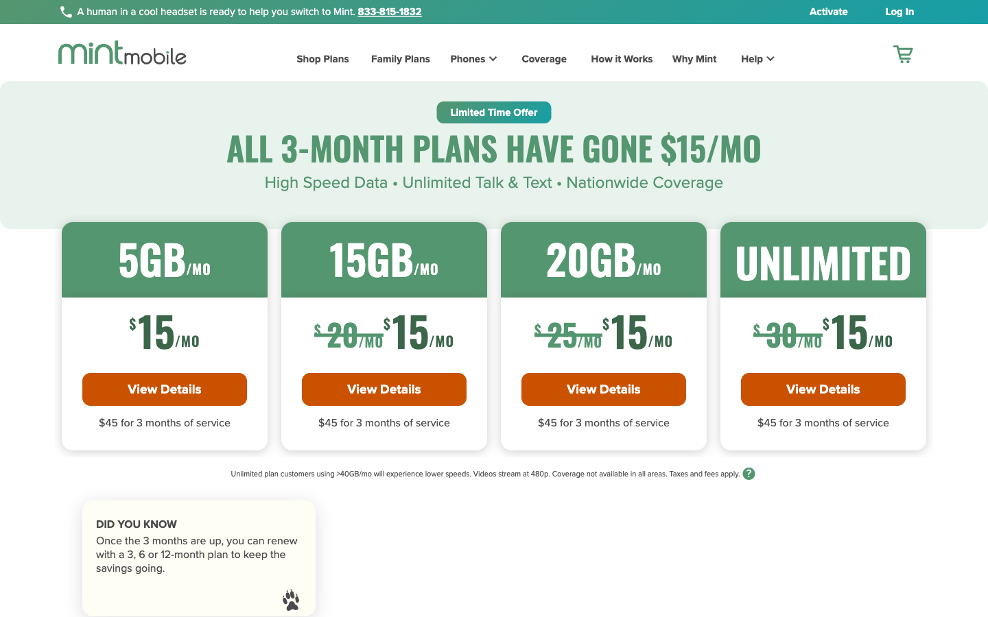 This screenshot has height=617, width=988. What do you see at coordinates (891, 11) in the screenshot?
I see `sign-in screen` at bounding box center [891, 11].